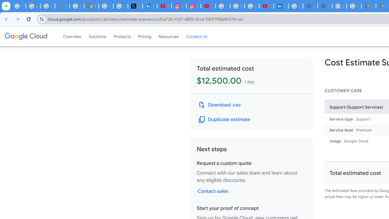  I want to click on 'support.google.com - Network error', so click(62, 6).